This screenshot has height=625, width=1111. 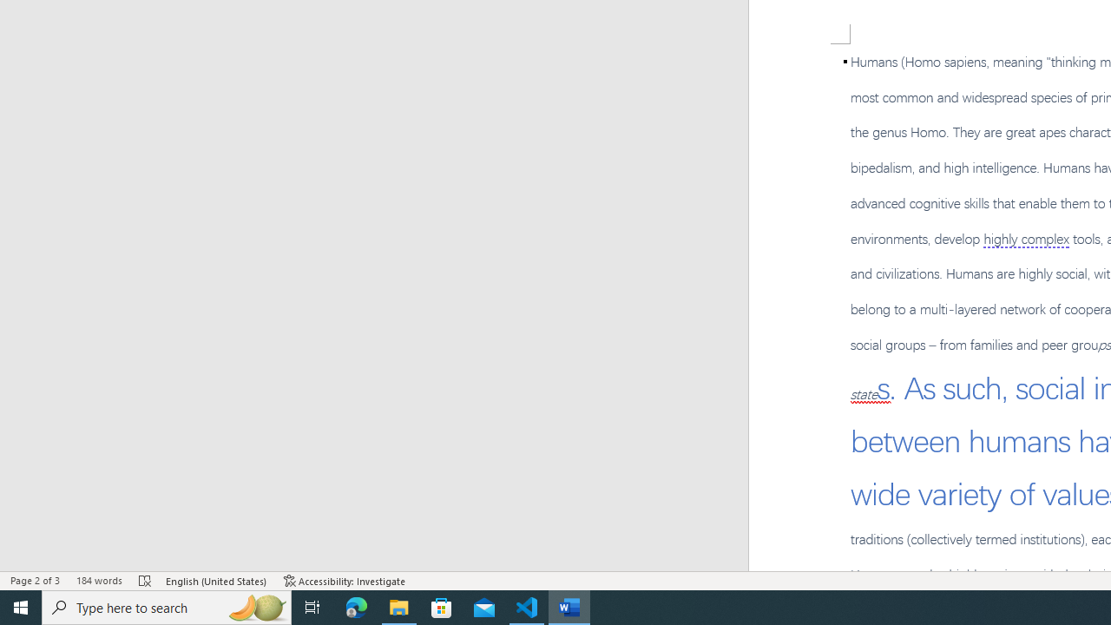 I want to click on 'Word - 1 running window', so click(x=569, y=606).